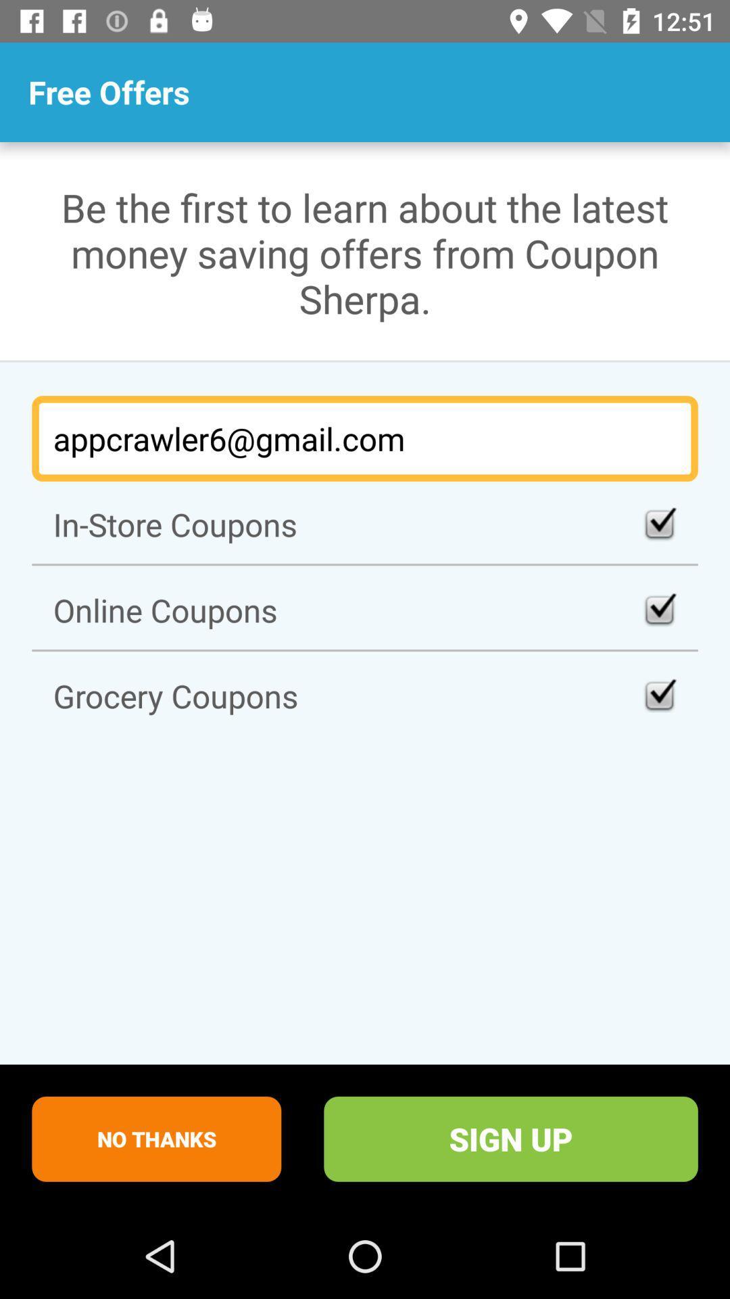 This screenshot has width=730, height=1299. Describe the element at coordinates (511, 1138) in the screenshot. I see `sign up at the bottom right corner` at that location.